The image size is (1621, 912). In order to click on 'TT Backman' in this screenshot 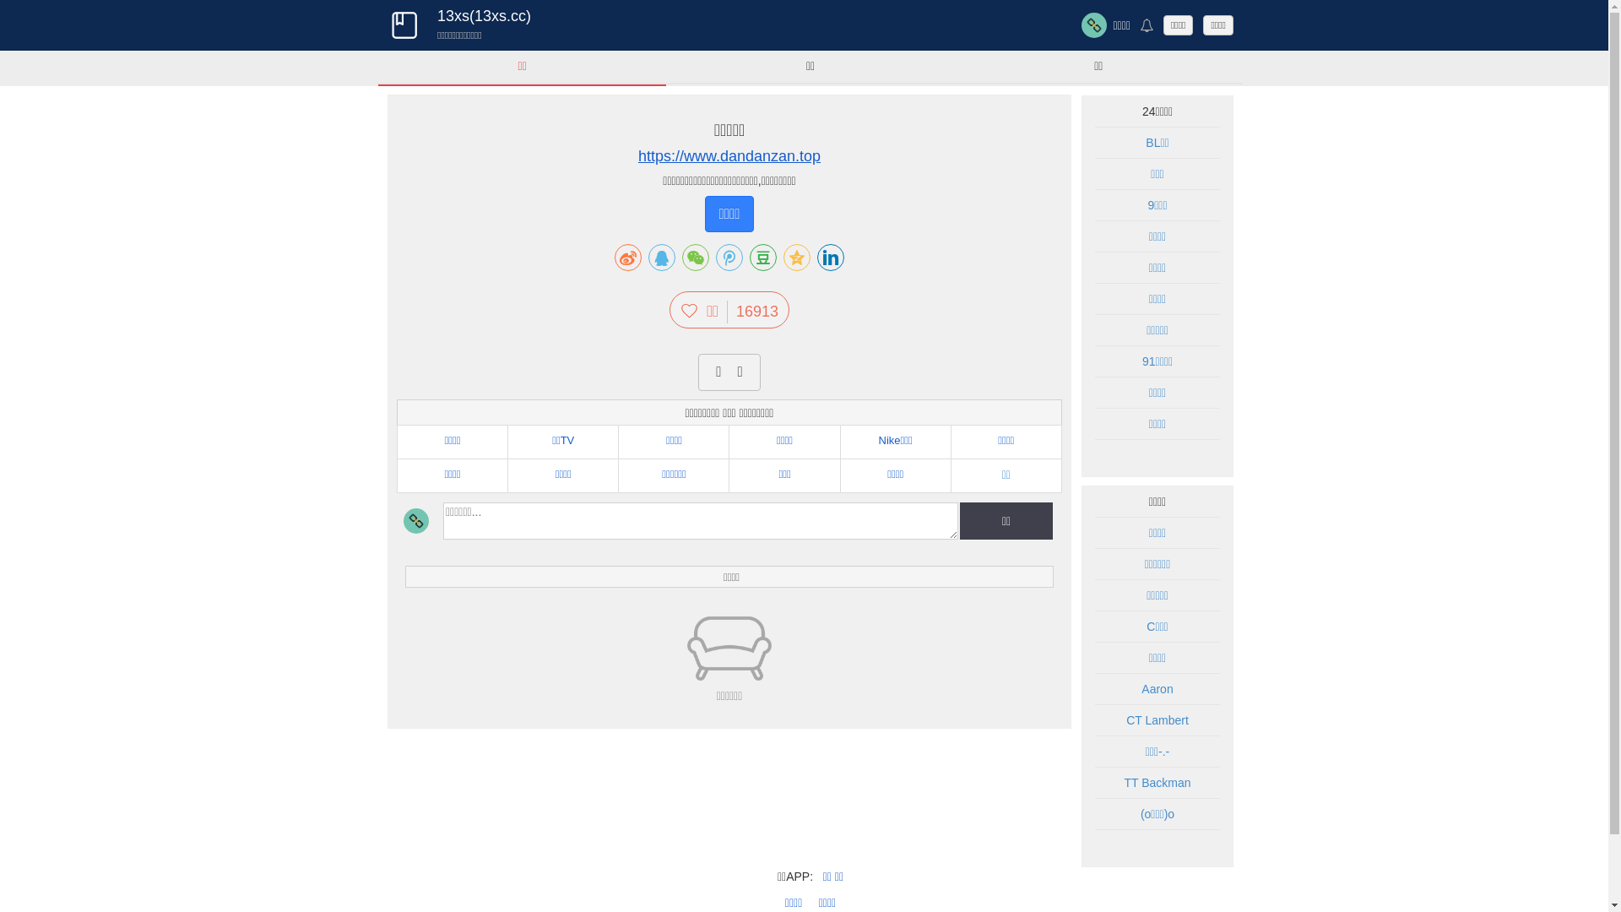, I will do `click(1156, 782)`.